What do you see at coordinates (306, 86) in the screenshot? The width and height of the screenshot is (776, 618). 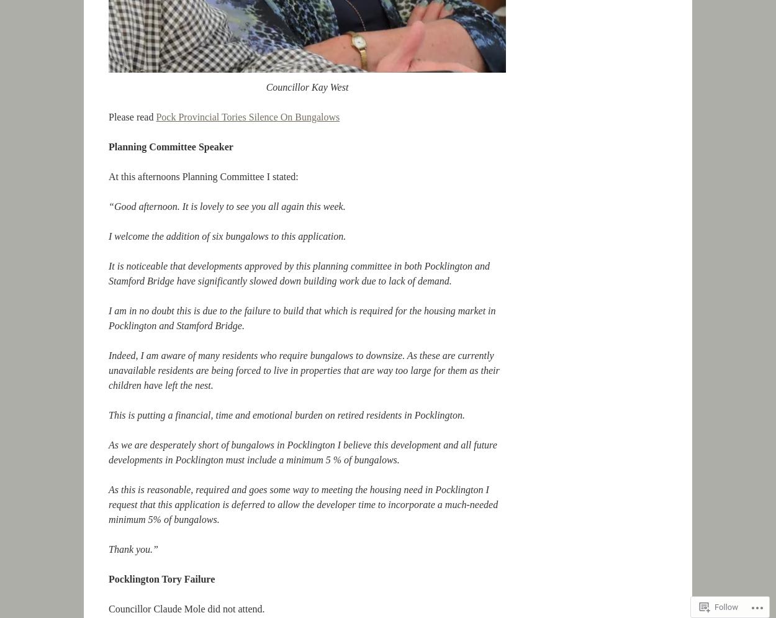 I see `'Councillor Kay West'` at bounding box center [306, 86].